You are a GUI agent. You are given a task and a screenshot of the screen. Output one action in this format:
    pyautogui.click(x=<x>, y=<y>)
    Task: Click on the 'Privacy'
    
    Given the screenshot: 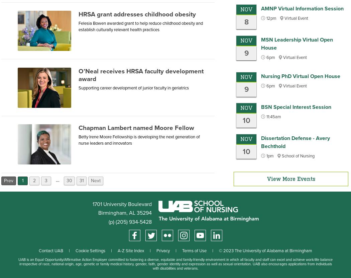 What is the action you would take?
    pyautogui.click(x=163, y=251)
    